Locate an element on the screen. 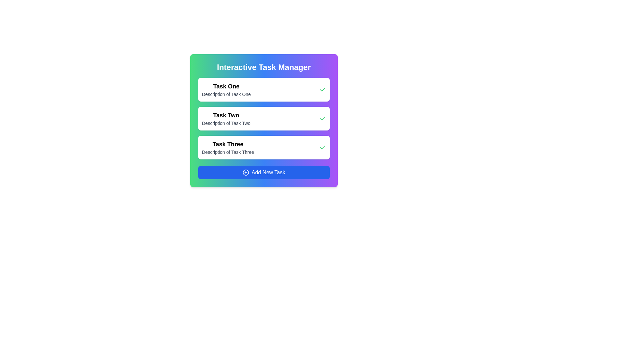 The height and width of the screenshot is (355, 632). the text block labeled 'Task Two' is located at coordinates (226, 119).